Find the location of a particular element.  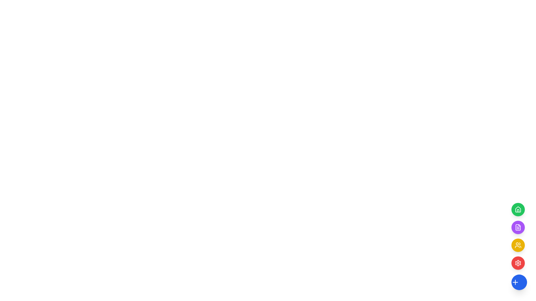

the circular button with a purple background and a white document icon is located at coordinates (518, 227).